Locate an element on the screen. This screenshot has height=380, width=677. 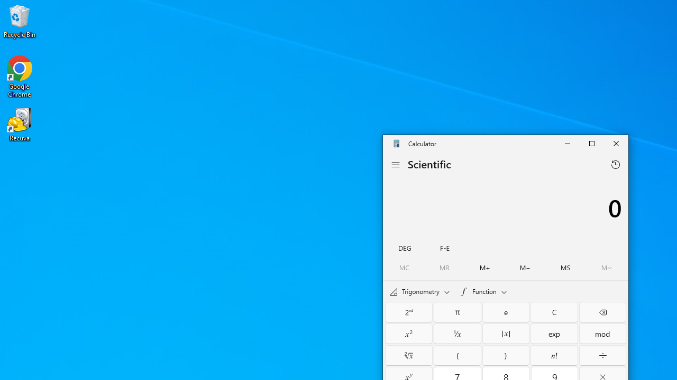
'Divide by' is located at coordinates (602, 355).